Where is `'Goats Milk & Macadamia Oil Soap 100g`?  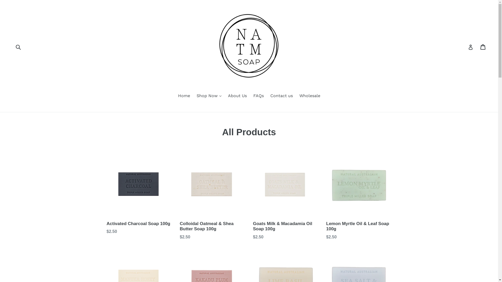 'Goats Milk & Macadamia Oil Soap 100g is located at coordinates (253, 196).